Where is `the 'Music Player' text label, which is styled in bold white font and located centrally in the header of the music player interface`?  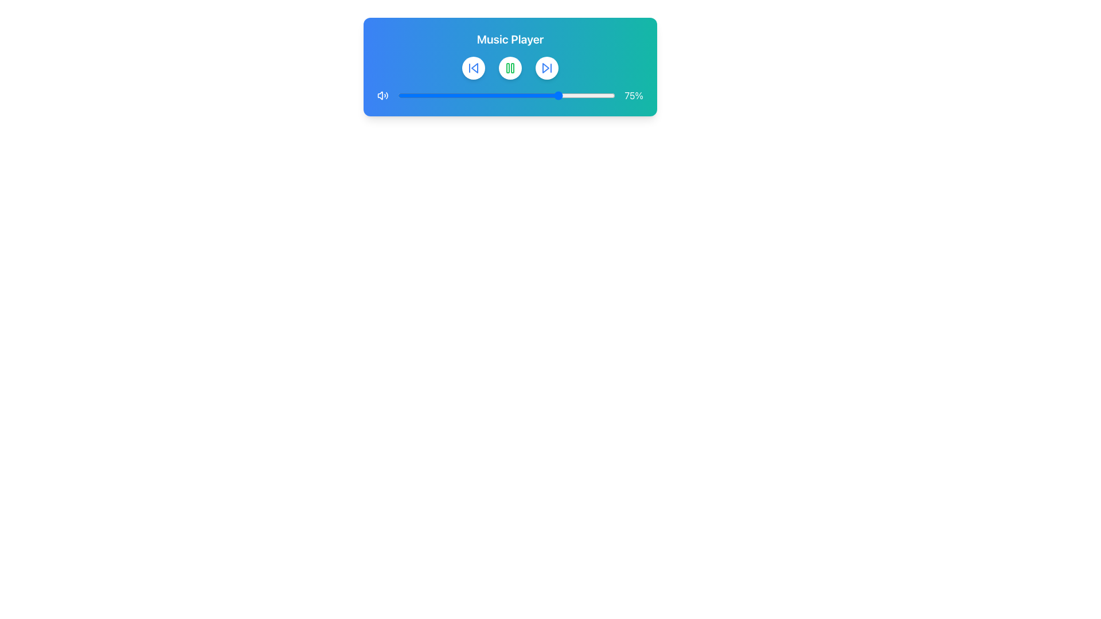 the 'Music Player' text label, which is styled in bold white font and located centrally in the header of the music player interface is located at coordinates (509, 39).